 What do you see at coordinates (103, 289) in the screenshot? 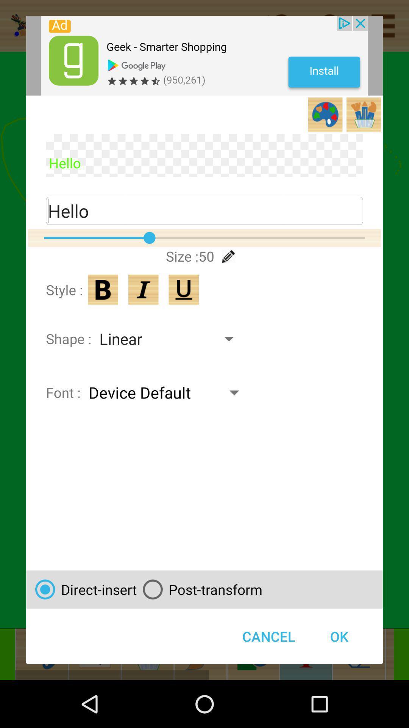
I see `bold` at bounding box center [103, 289].